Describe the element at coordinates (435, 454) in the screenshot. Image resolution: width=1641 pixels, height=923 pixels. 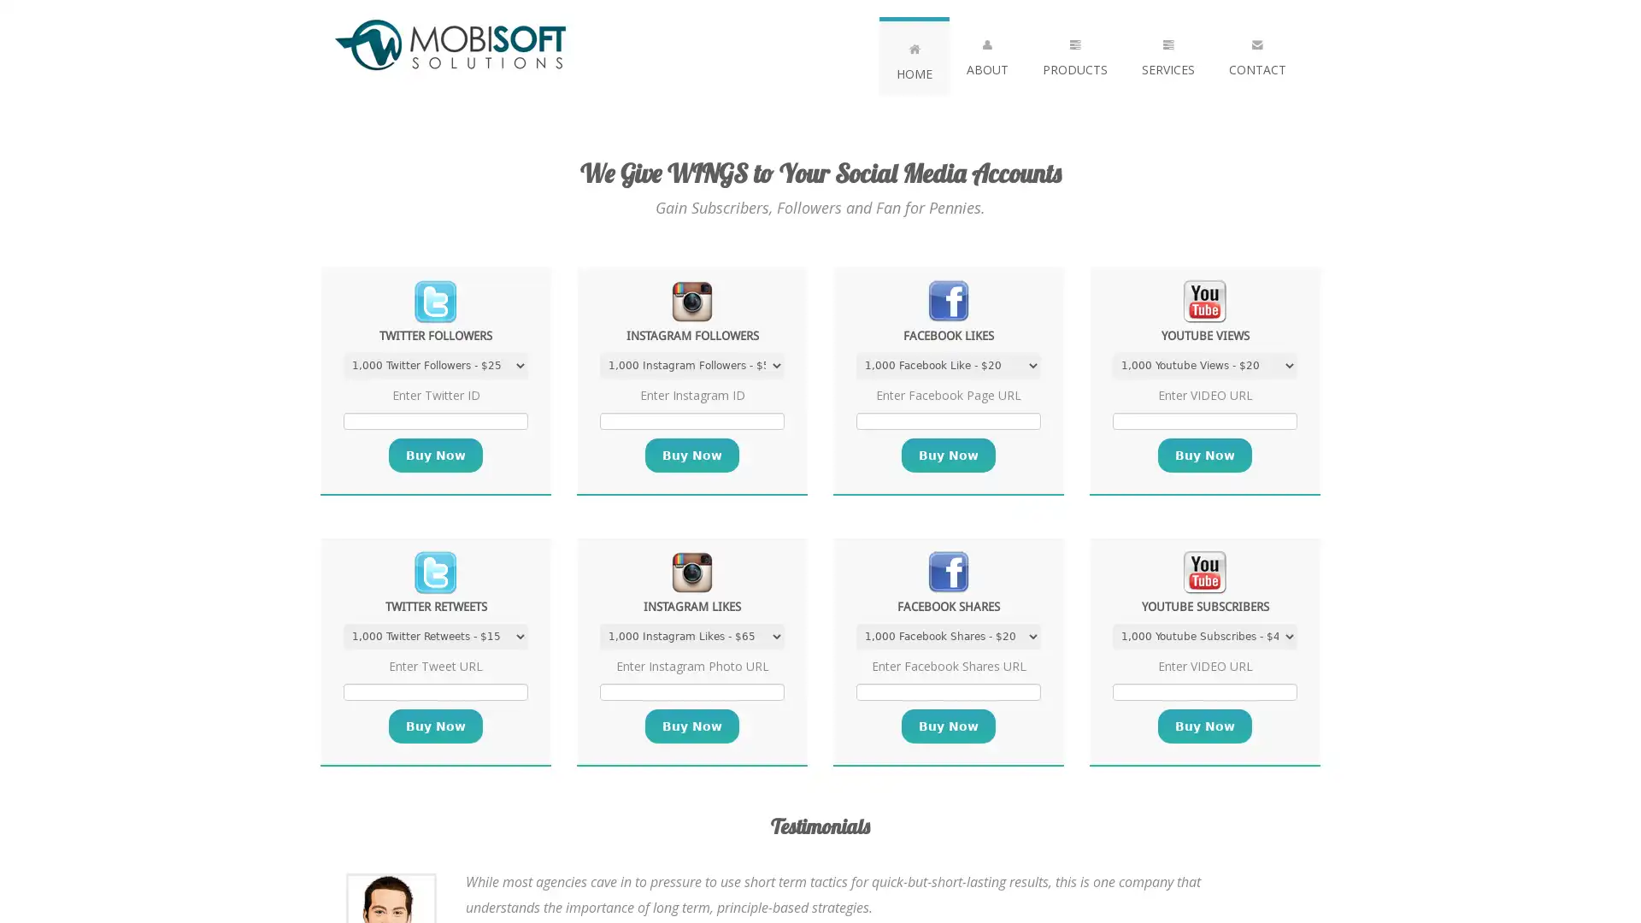
I see `Buy Now` at that location.